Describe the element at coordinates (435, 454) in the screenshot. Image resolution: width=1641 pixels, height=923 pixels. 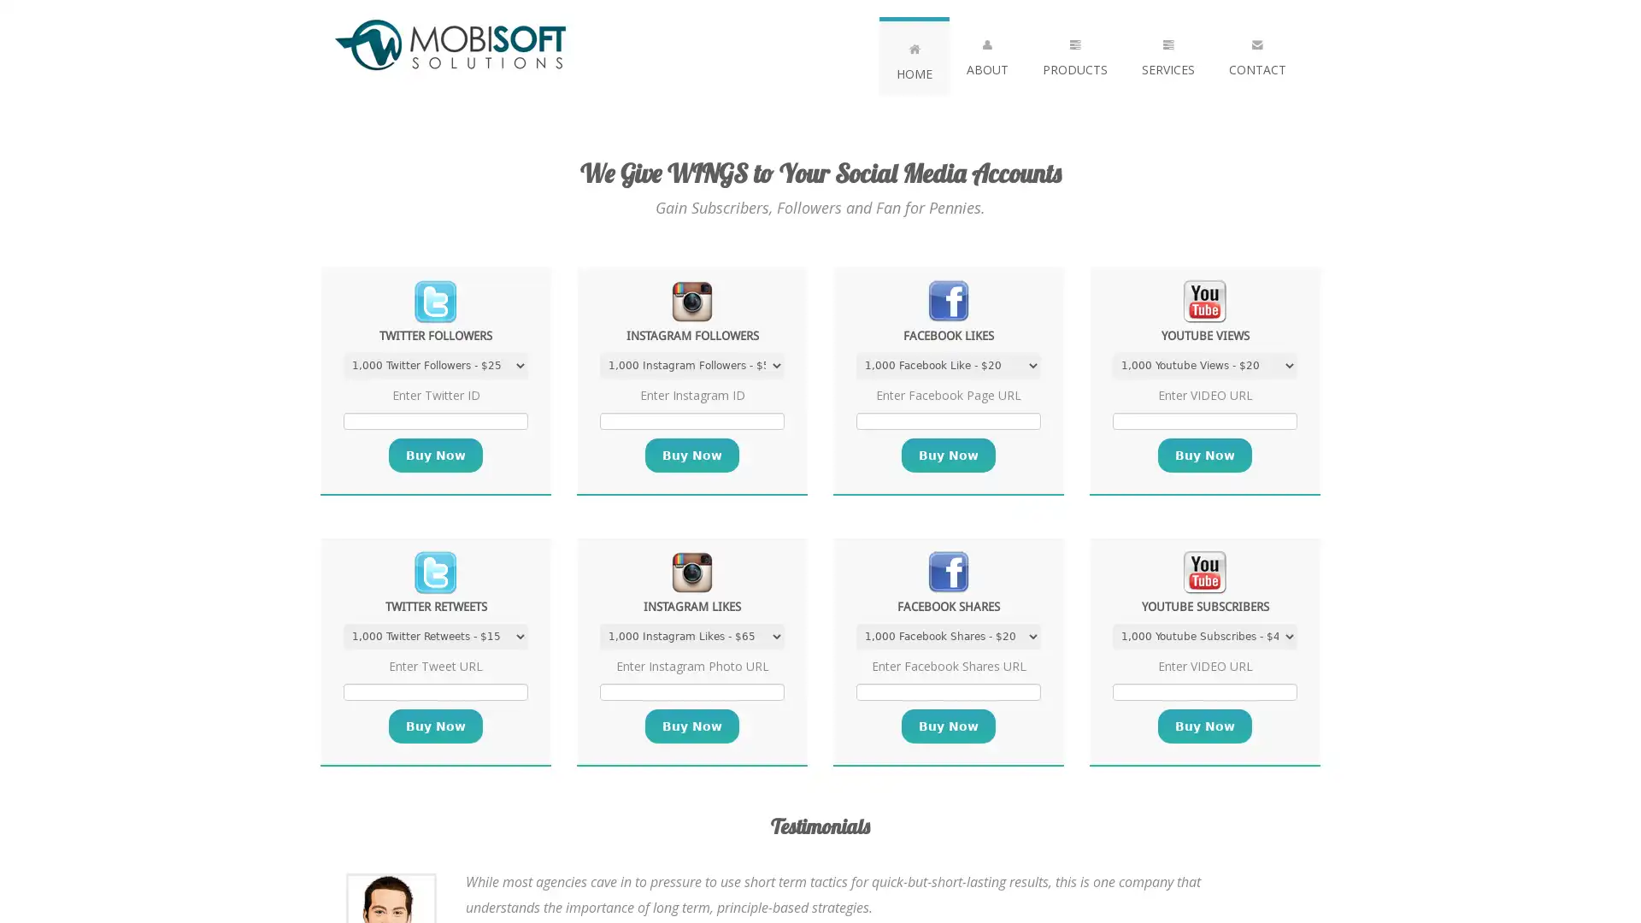
I see `Buy Now` at that location.